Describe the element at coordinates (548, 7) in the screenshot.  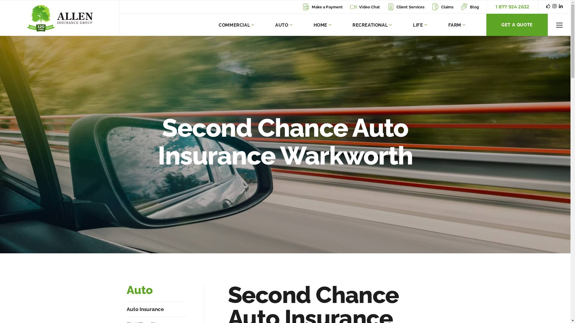
I see `'Facebook'` at that location.